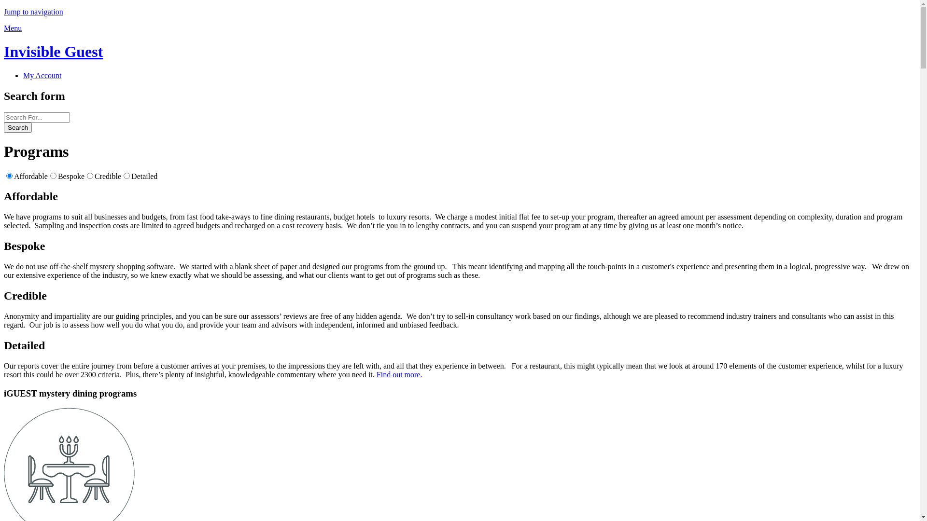 This screenshot has width=927, height=521. What do you see at coordinates (13, 27) in the screenshot?
I see `'Menu'` at bounding box center [13, 27].